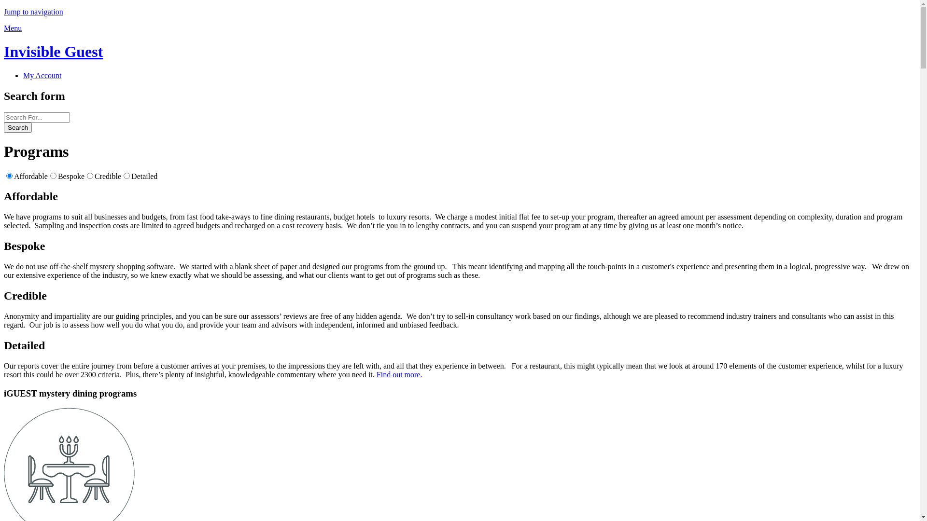 This screenshot has width=927, height=521. What do you see at coordinates (13, 27) in the screenshot?
I see `'Menu'` at bounding box center [13, 27].